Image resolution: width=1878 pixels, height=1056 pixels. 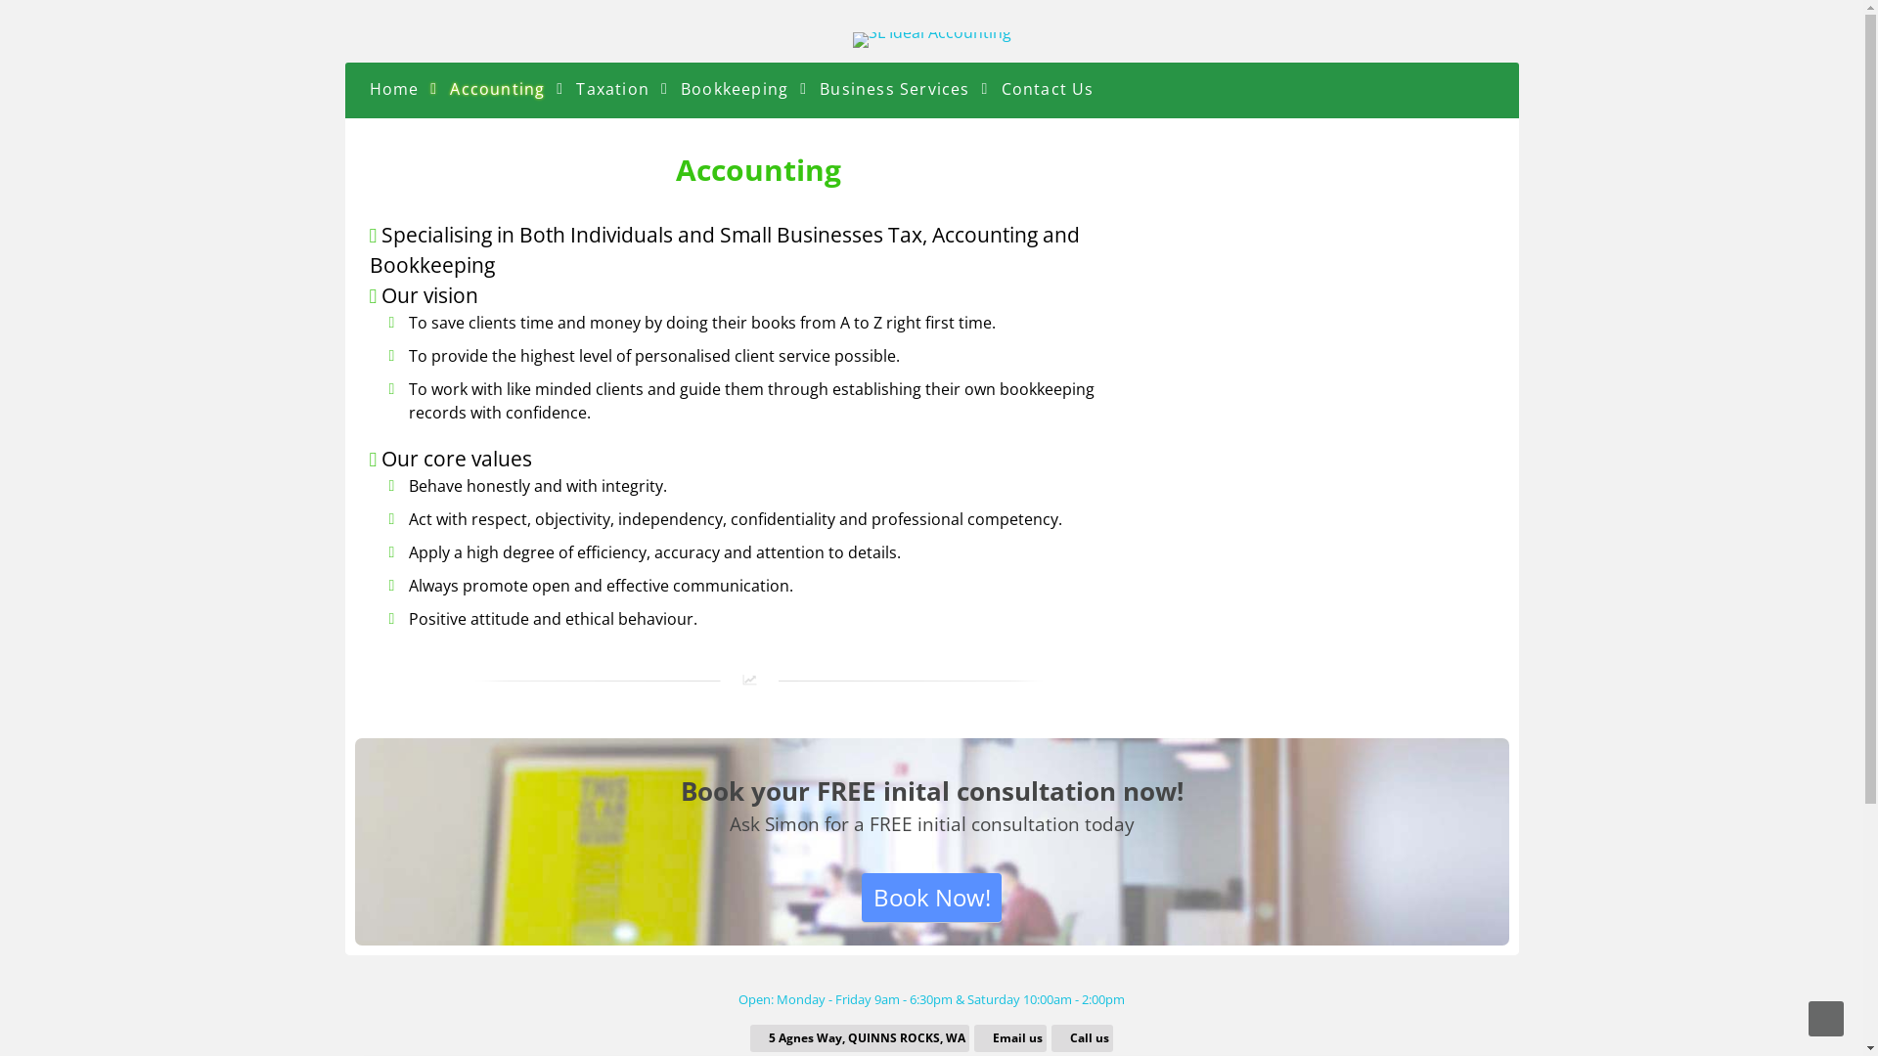 What do you see at coordinates (931, 32) in the screenshot?
I see `'SL Ideal Accounting'` at bounding box center [931, 32].